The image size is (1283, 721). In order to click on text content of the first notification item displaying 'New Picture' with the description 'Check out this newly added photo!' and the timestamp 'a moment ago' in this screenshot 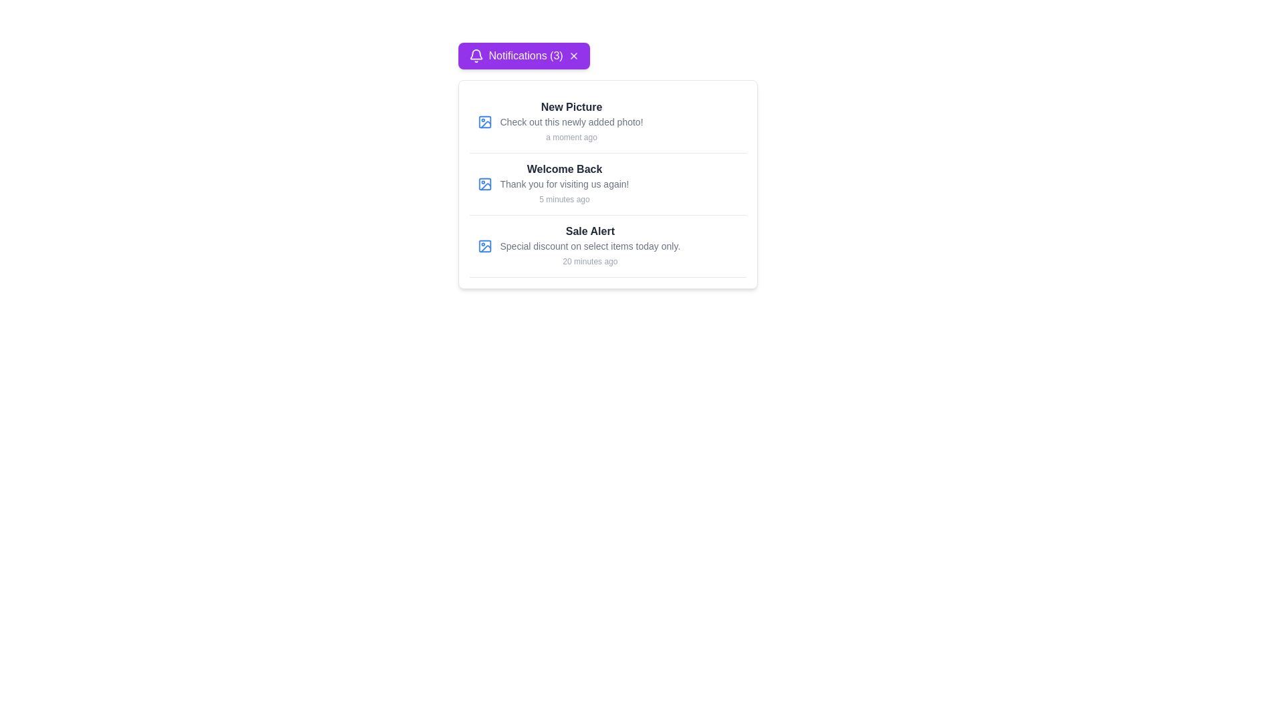, I will do `click(607, 122)`.